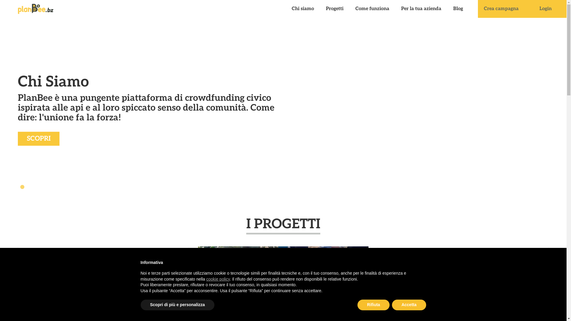 This screenshot has height=321, width=571. What do you see at coordinates (303, 9) in the screenshot?
I see `'Chi siamo'` at bounding box center [303, 9].